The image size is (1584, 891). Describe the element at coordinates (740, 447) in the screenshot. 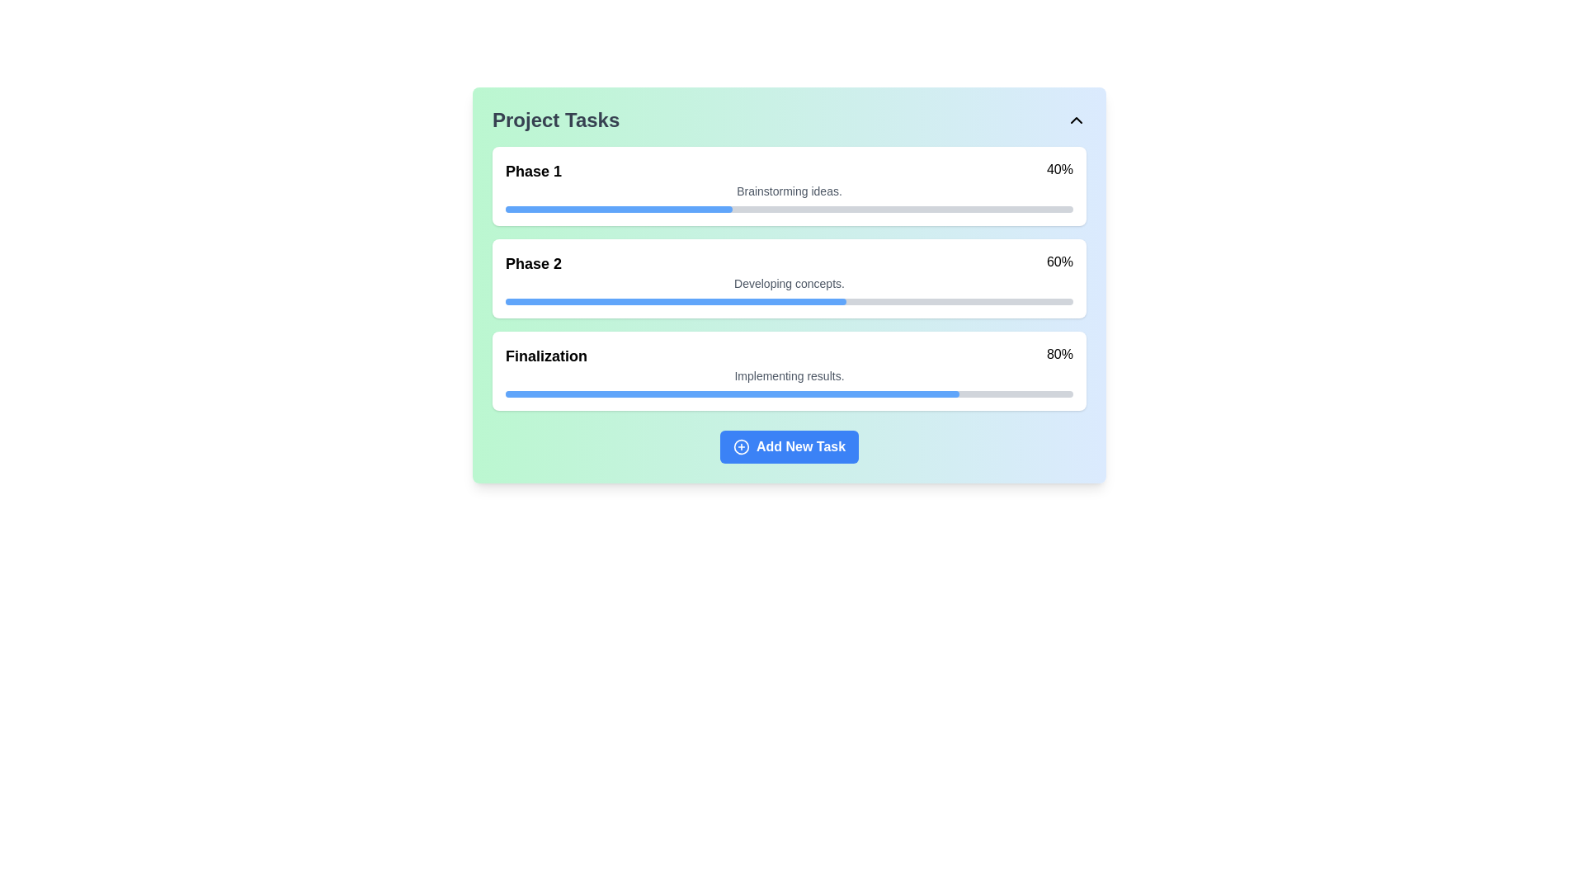

I see `the circular icon to the left of the 'Add New Task' button for potential visual feedback` at that location.